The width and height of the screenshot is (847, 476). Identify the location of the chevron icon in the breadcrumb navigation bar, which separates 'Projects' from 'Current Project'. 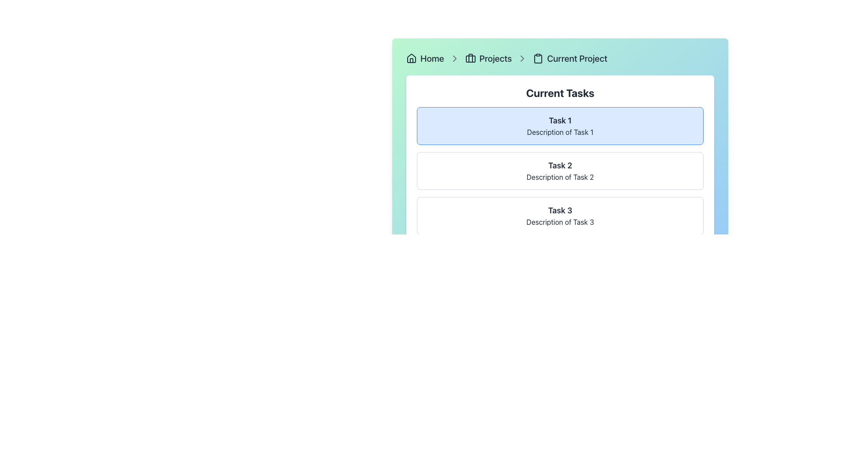
(522, 58).